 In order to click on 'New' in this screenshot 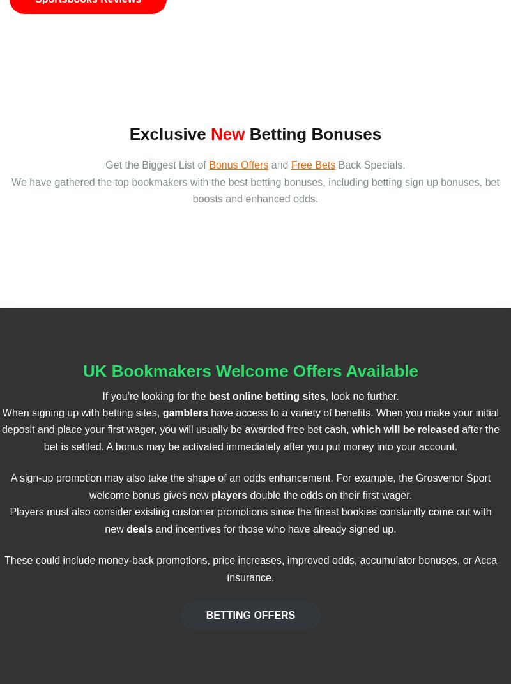, I will do `click(227, 133)`.